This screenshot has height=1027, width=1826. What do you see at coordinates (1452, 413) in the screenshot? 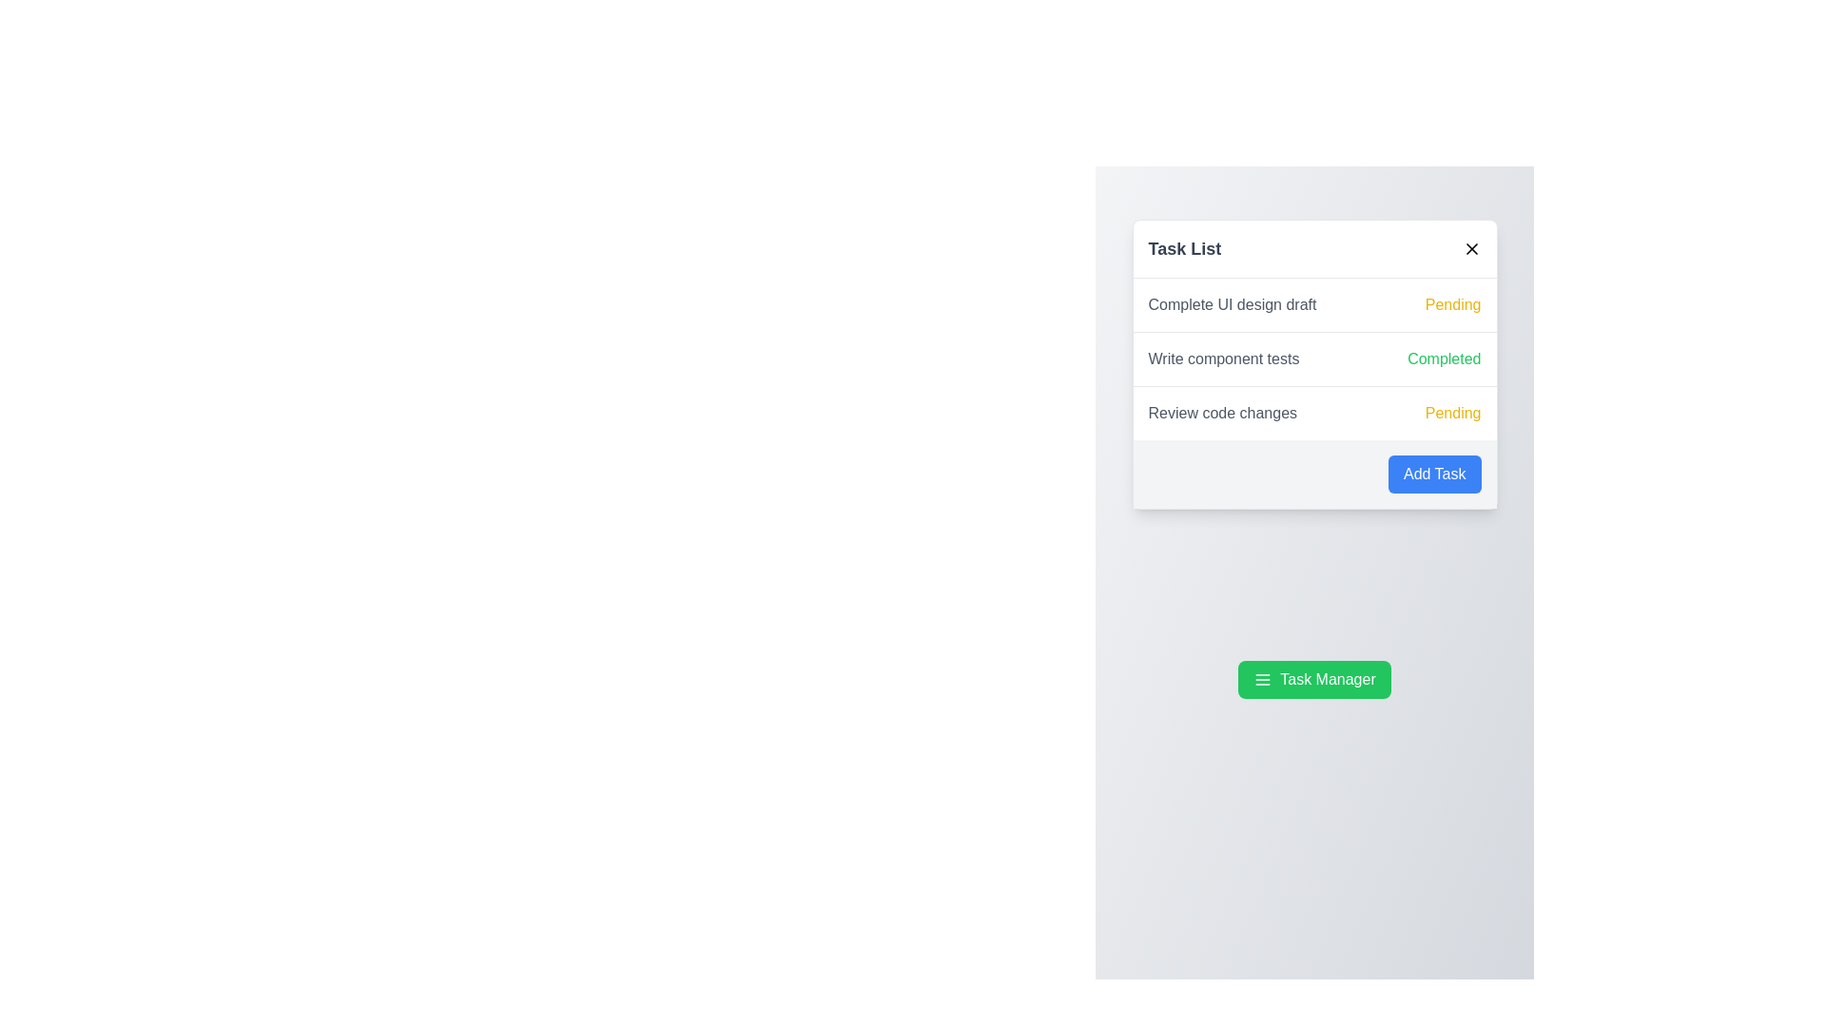
I see `the 'Pending' status label indicating the current state of the task 'Review code changes', which is aligned to the right edge of its row` at bounding box center [1452, 413].